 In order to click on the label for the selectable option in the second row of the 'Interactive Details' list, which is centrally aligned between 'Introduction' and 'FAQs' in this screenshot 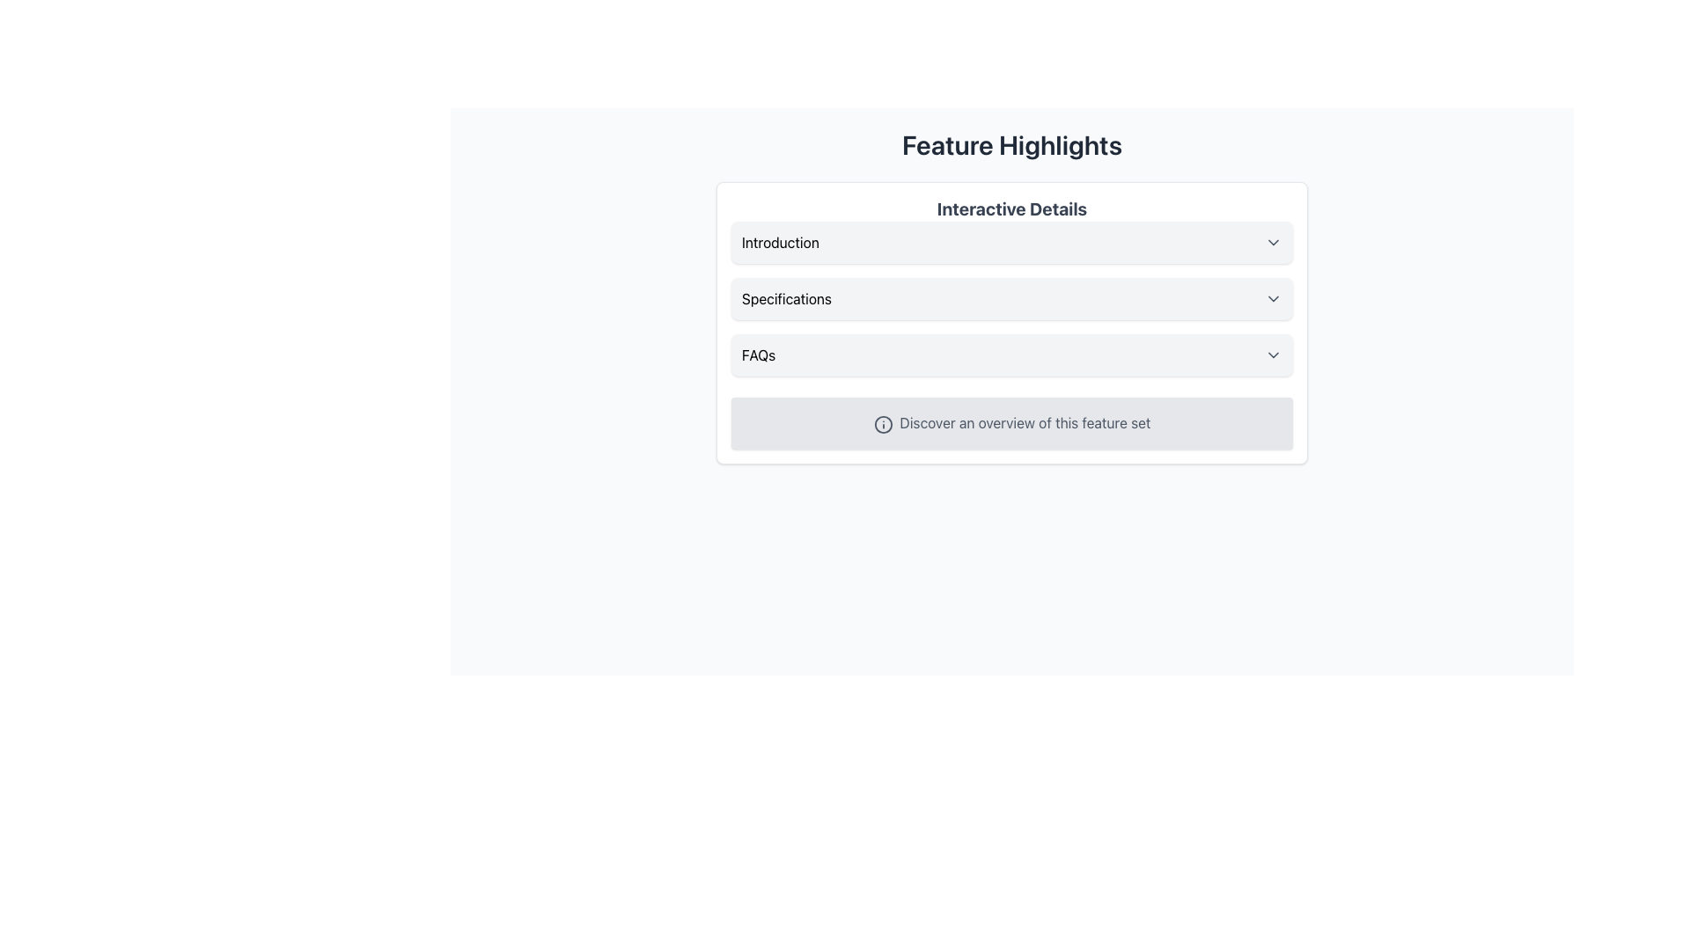, I will do `click(786, 297)`.